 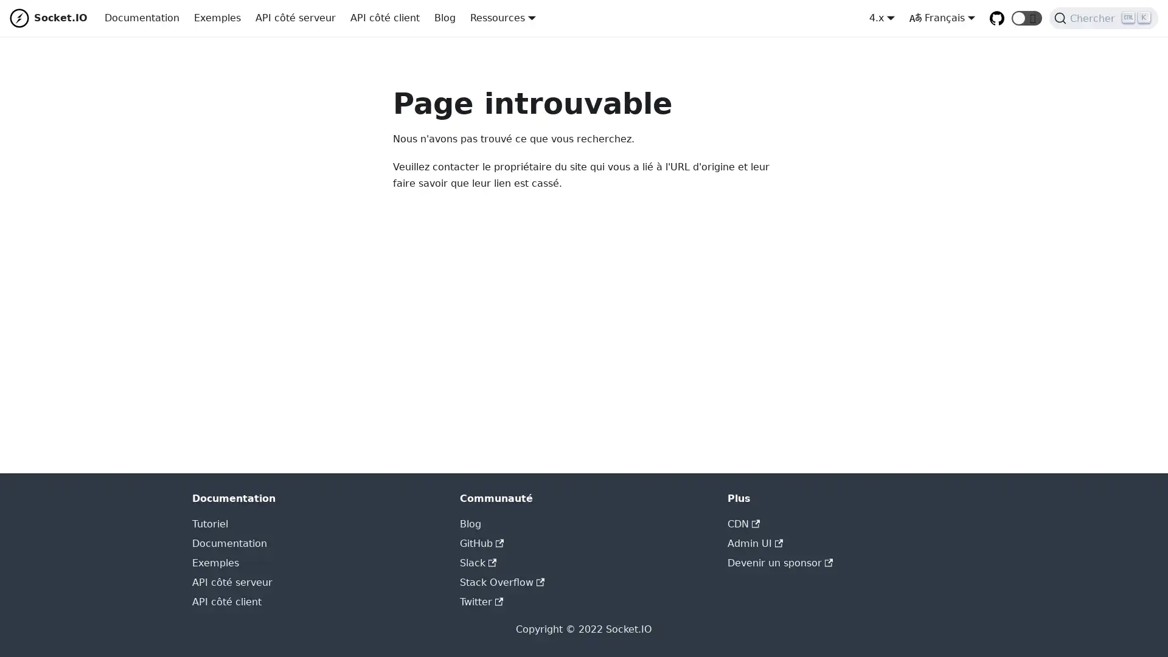 What do you see at coordinates (1104, 18) in the screenshot?
I see `Chercher` at bounding box center [1104, 18].